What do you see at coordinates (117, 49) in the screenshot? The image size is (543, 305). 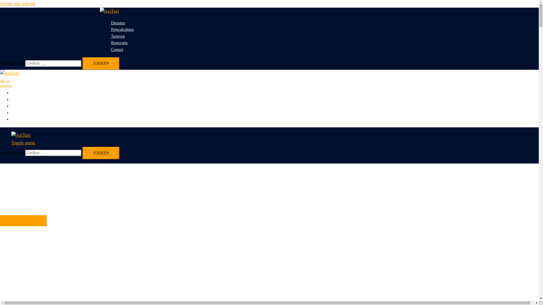 I see `'Contact'` at bounding box center [117, 49].